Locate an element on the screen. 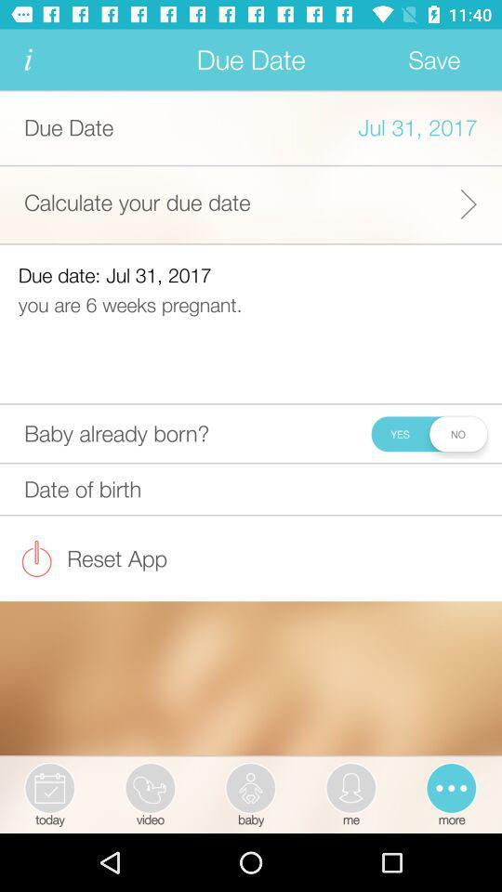  yes or no is located at coordinates (429, 433).